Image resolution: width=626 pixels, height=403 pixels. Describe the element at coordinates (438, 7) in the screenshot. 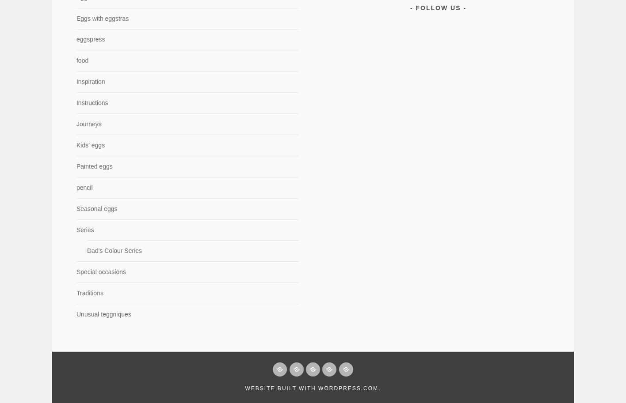

I see `'Follow Us'` at that location.